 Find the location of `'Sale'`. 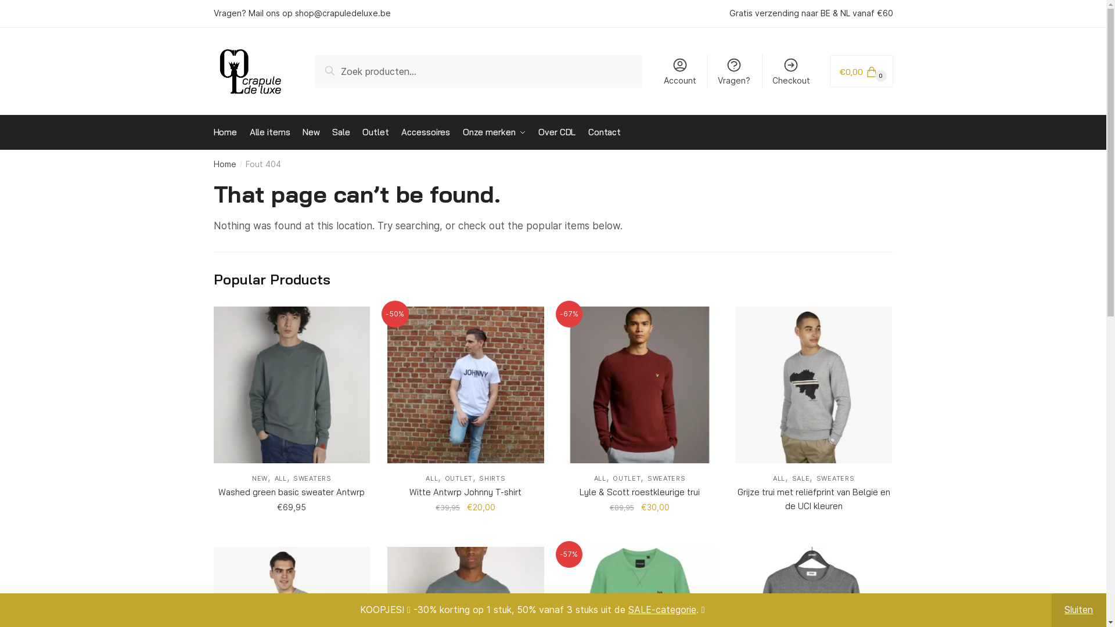

'Sale' is located at coordinates (341, 131).